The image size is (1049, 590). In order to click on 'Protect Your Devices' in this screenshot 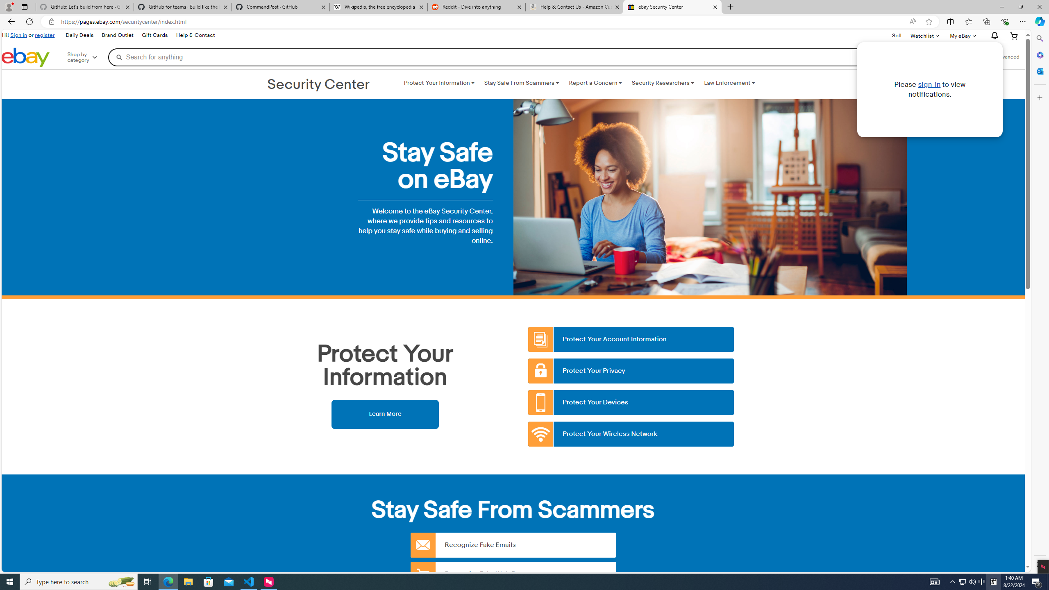, I will do `click(631, 402)`.